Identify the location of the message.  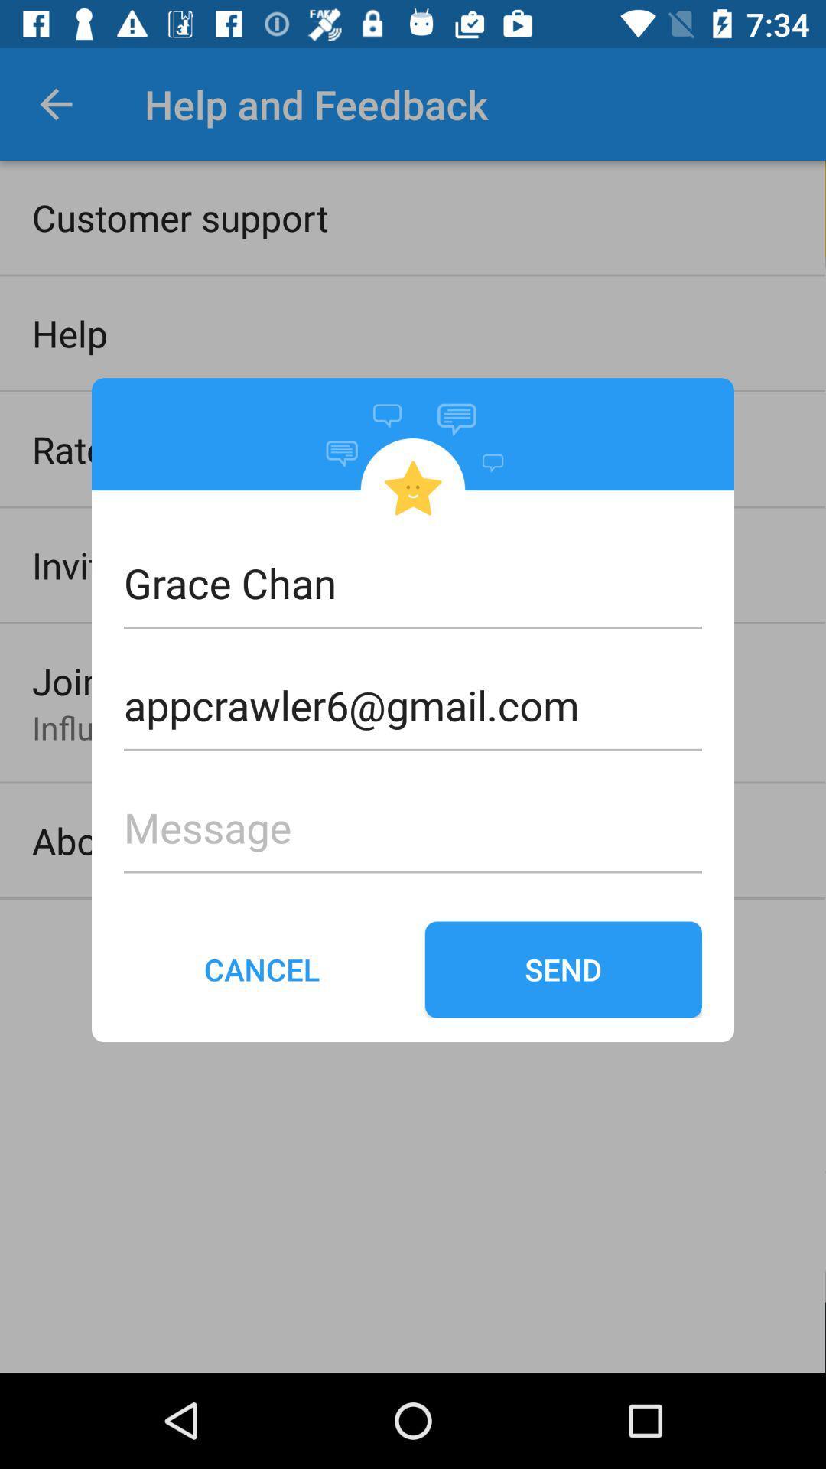
(413, 802).